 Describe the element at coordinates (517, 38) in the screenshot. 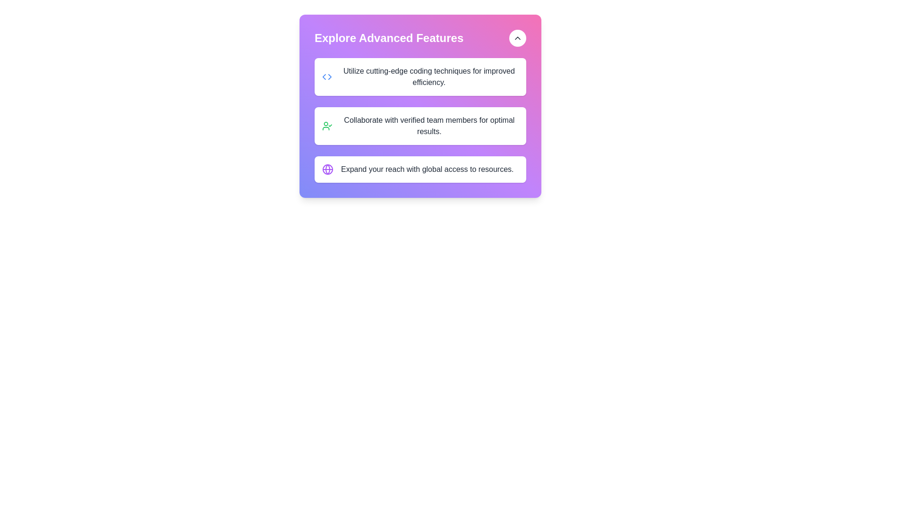

I see `the upward-pointing chevron SVG icon located in the top right corner of the card-like section with a gradient purple and pink background` at that location.